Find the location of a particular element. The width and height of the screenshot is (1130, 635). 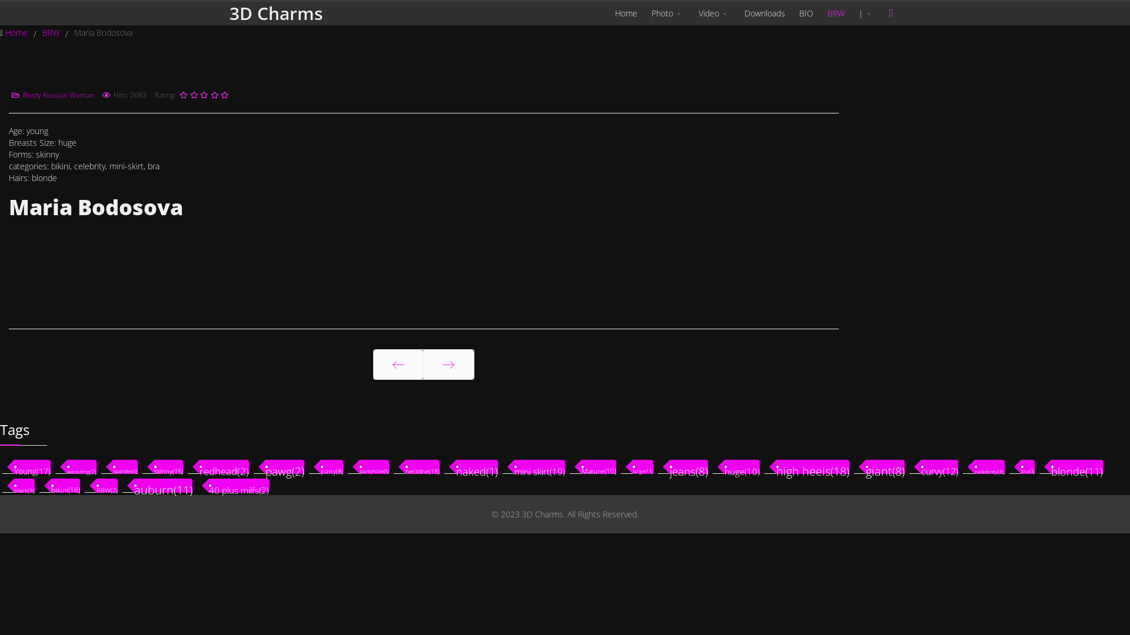

'|' is located at coordinates (866, 14).